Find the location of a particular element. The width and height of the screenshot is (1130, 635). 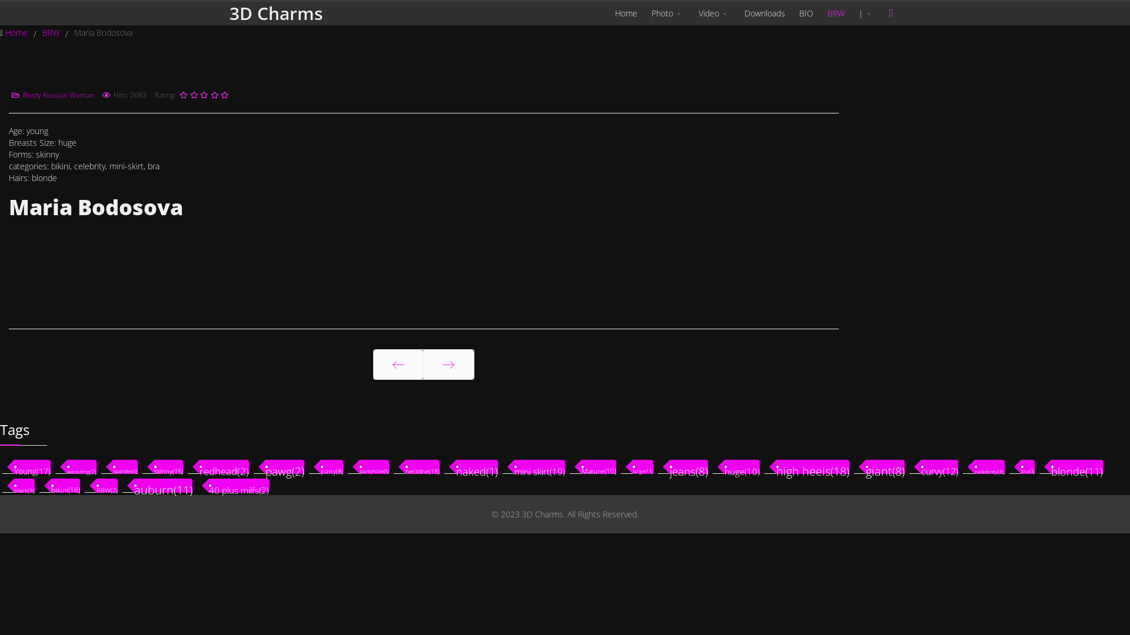

'|' is located at coordinates (866, 14).